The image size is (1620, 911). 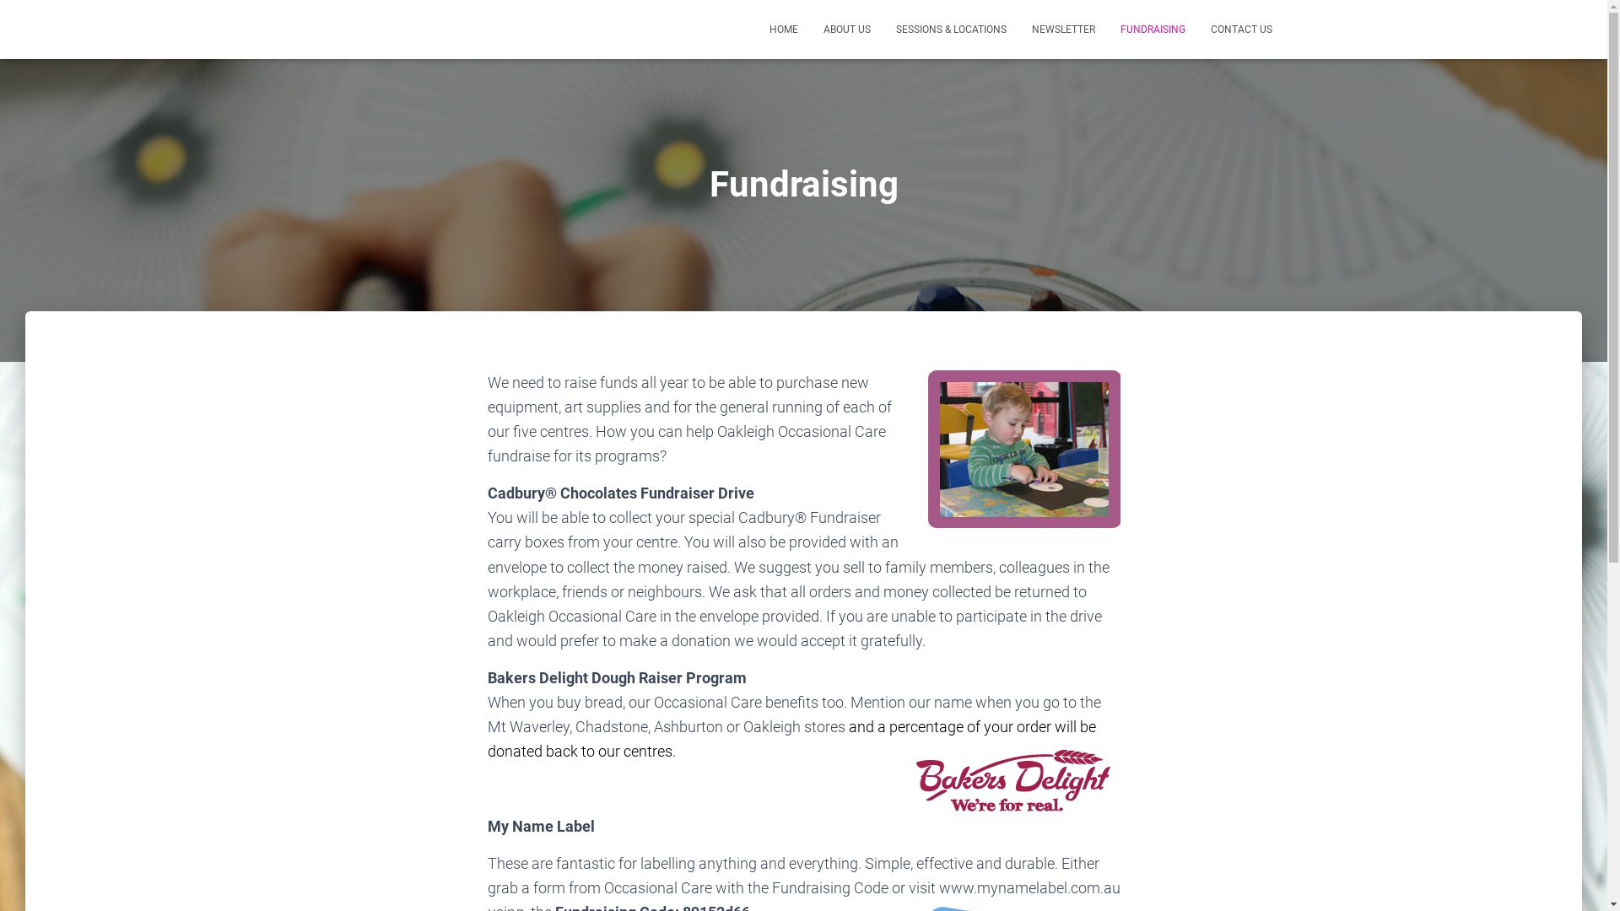 What do you see at coordinates (1241, 29) in the screenshot?
I see `'CONTACT US'` at bounding box center [1241, 29].